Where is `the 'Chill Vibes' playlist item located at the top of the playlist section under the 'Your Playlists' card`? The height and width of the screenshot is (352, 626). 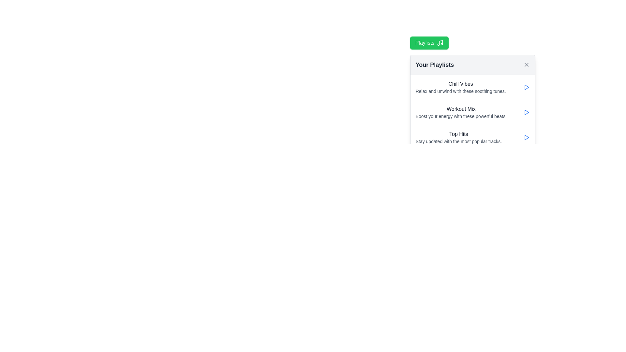
the 'Chill Vibes' playlist item located at the top of the playlist section under the 'Your Playlists' card is located at coordinates (460, 87).